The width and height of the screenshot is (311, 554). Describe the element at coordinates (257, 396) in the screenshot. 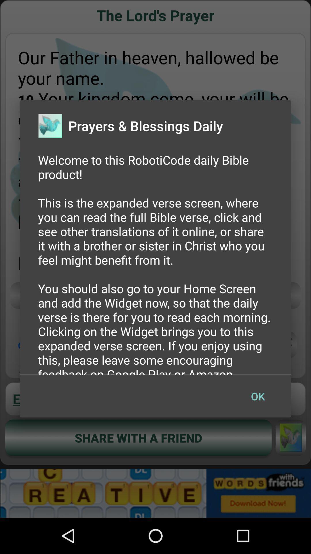

I see `icon below the welcome to this icon` at that location.